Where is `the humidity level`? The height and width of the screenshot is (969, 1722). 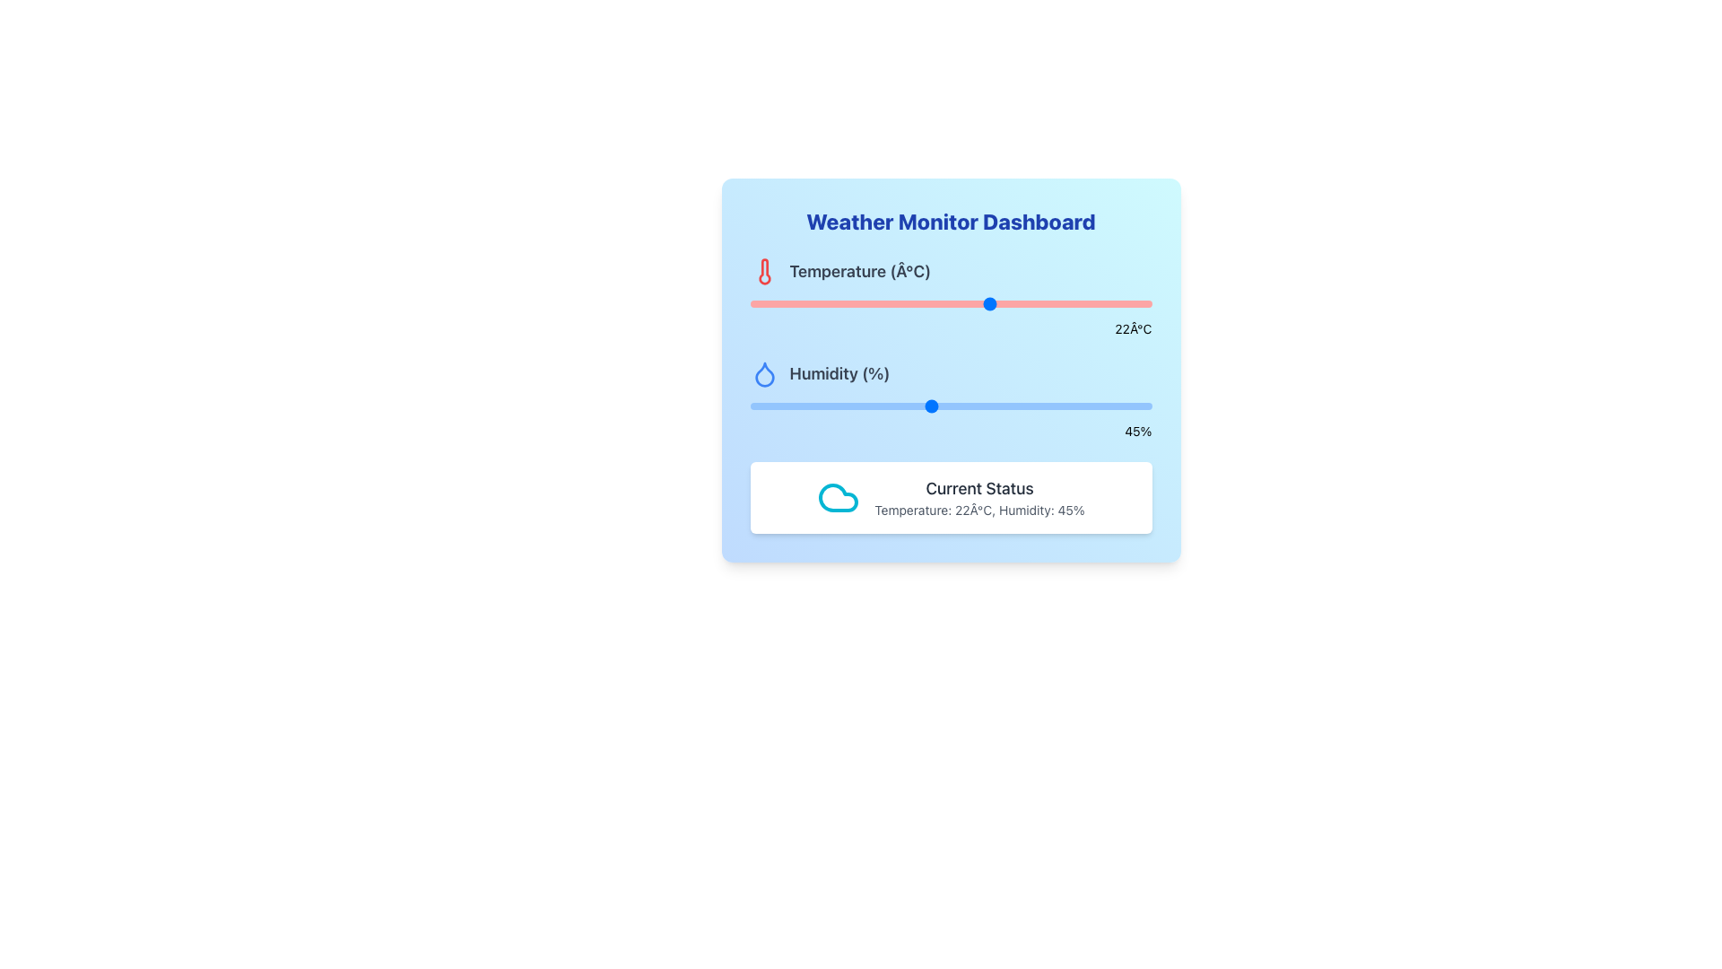
the humidity level is located at coordinates (931, 406).